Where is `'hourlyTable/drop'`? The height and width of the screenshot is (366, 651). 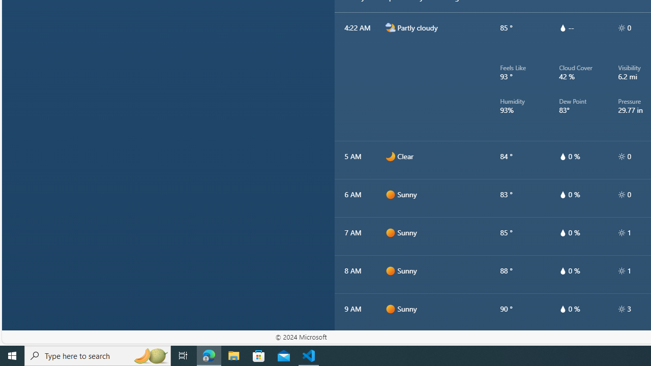 'hourlyTable/drop' is located at coordinates (562, 309).